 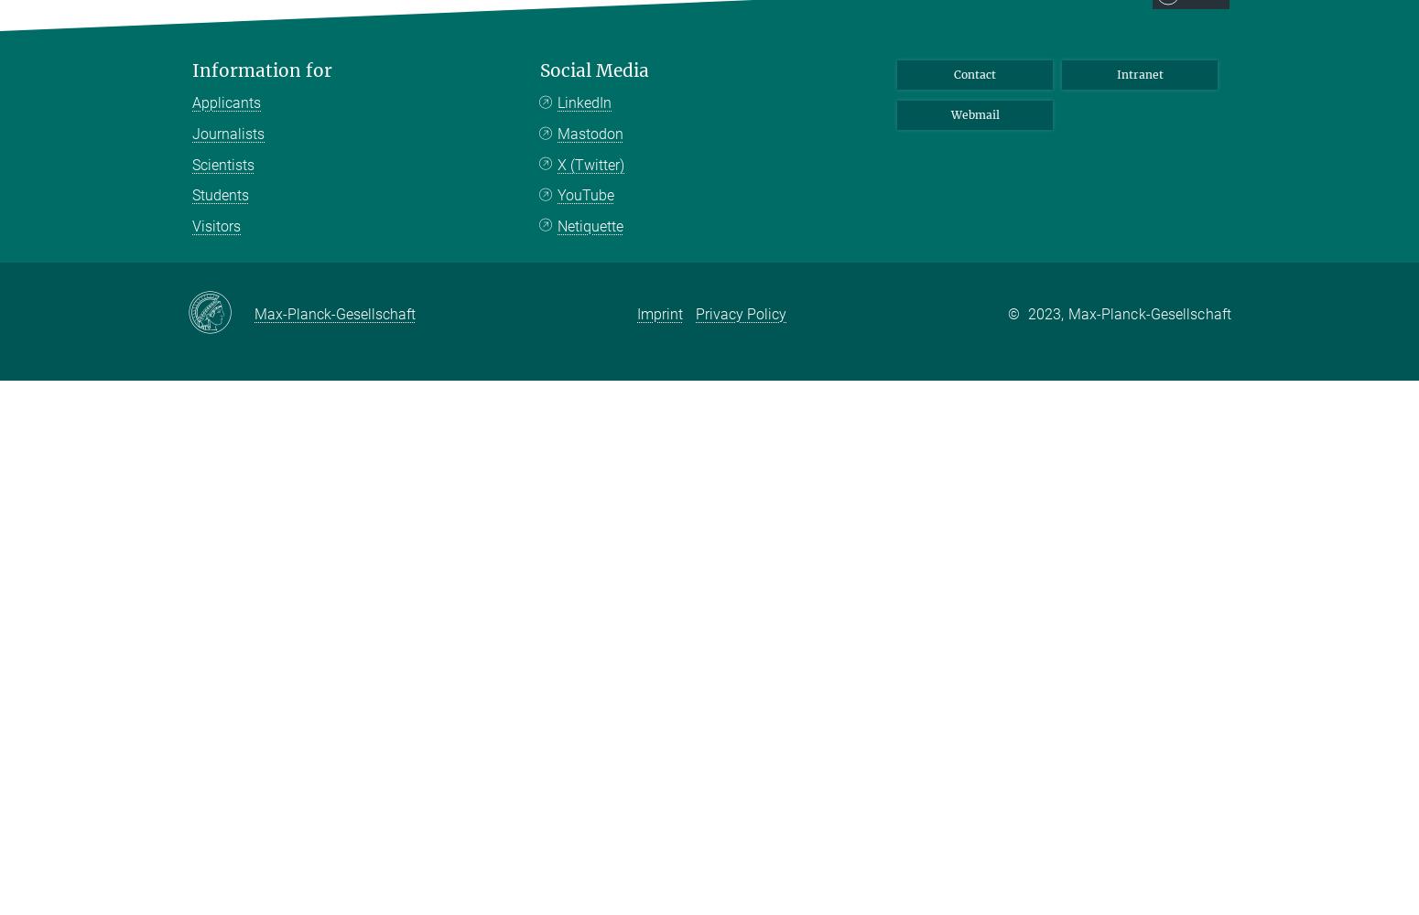 I want to click on 'Imprint', so click(x=660, y=312).